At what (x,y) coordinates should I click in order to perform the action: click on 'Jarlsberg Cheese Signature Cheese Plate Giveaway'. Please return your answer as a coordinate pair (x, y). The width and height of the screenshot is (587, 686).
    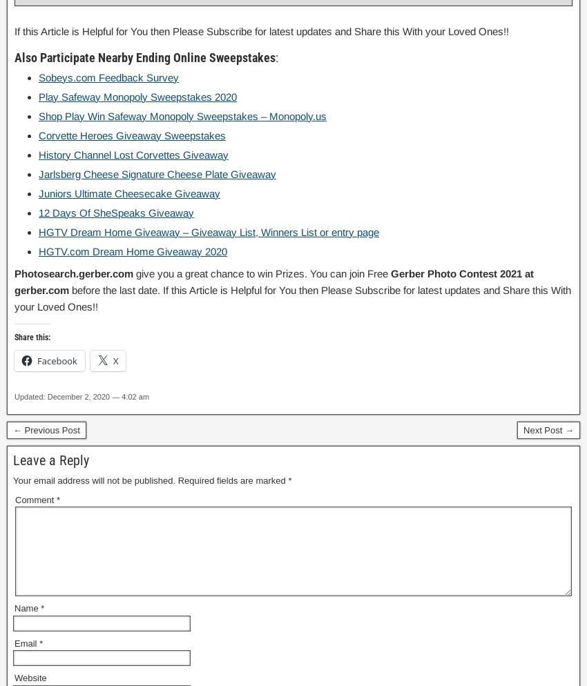
    Looking at the image, I should click on (157, 173).